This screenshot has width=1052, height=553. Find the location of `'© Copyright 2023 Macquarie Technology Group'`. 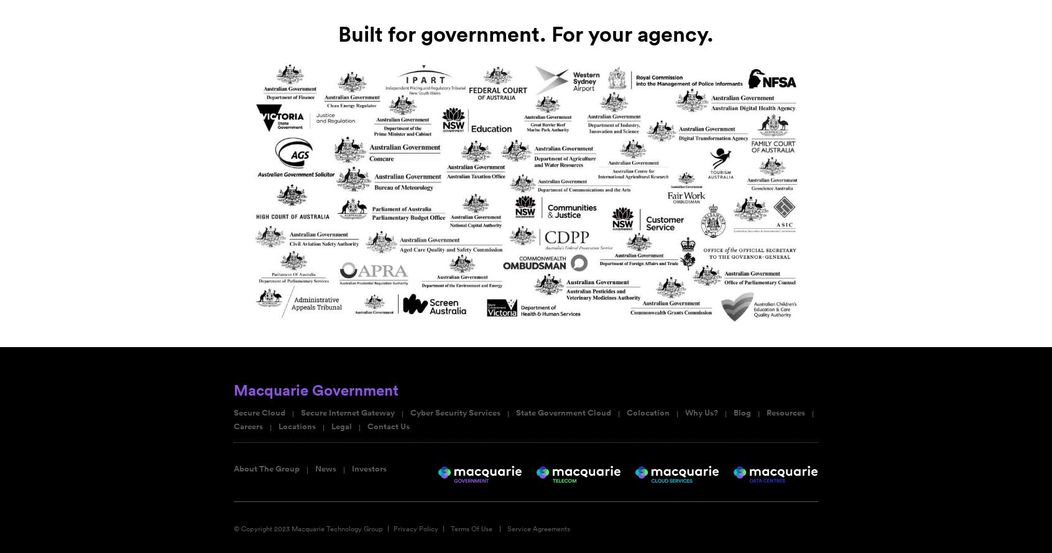

'© Copyright 2023 Macquarie Technology Group' is located at coordinates (233, 527).